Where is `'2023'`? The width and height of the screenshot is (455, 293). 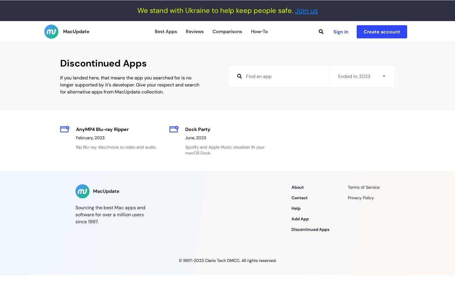
'2023' is located at coordinates (198, 260).